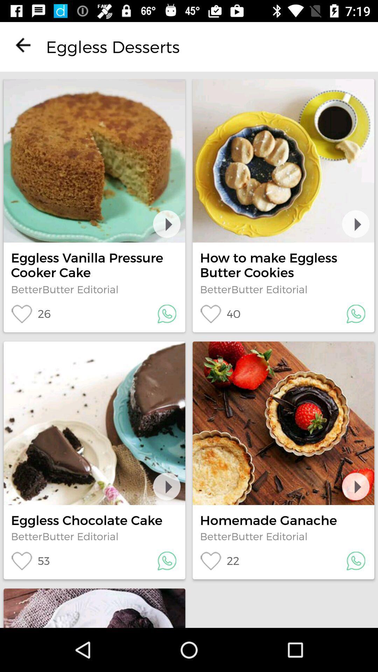  What do you see at coordinates (220, 314) in the screenshot?
I see `40 item` at bounding box center [220, 314].